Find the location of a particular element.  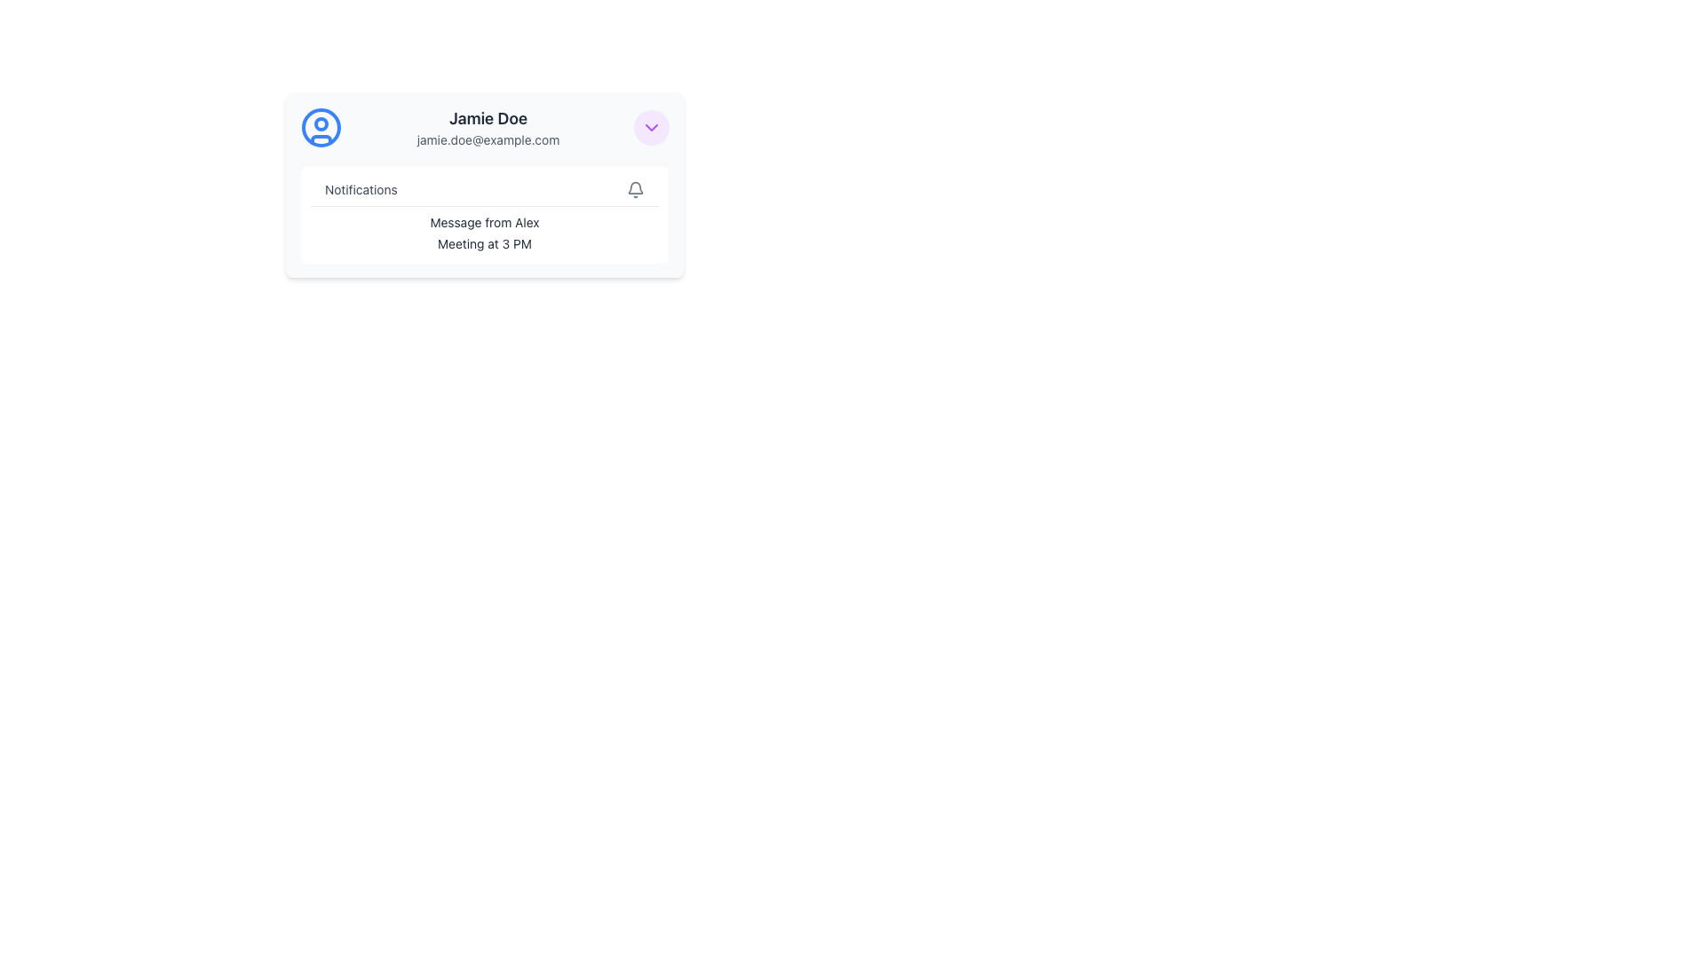

the text block displaying 'Message from Alex' and 'Meeting at 3 PM' is located at coordinates (485, 232).